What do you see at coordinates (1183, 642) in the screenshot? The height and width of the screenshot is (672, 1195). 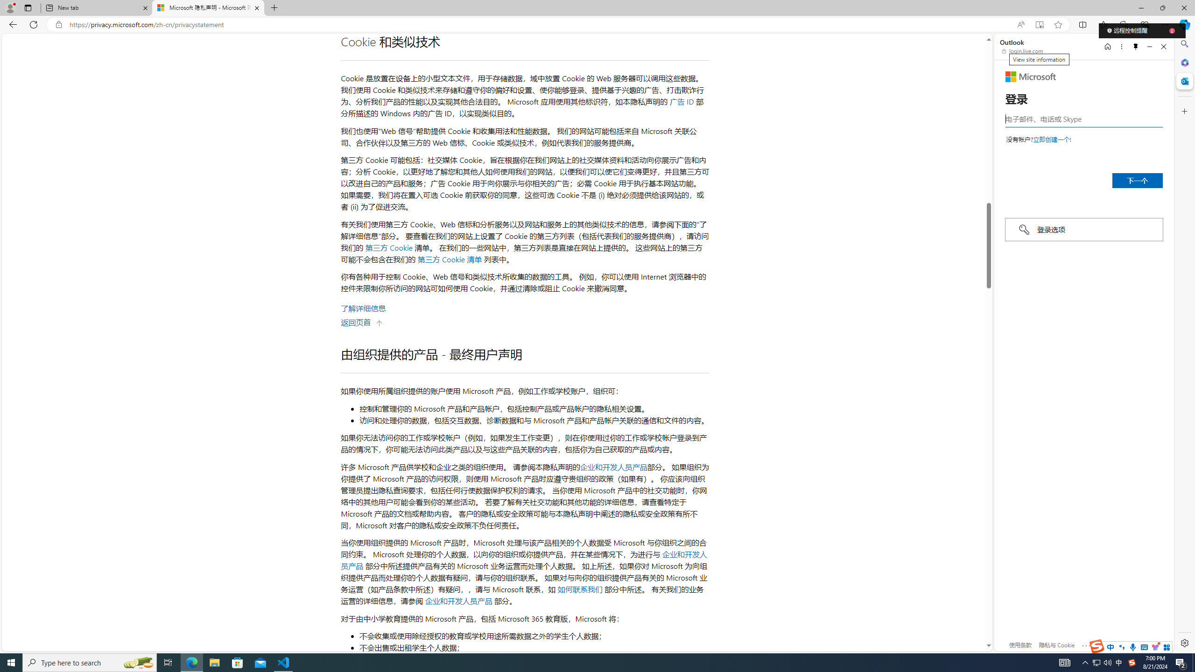 I see `'Settings'` at bounding box center [1183, 642].